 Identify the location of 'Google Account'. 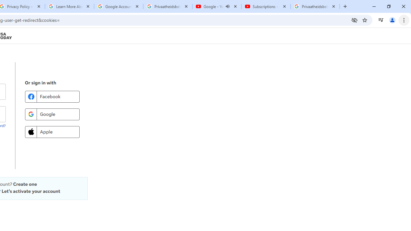
(118, 6).